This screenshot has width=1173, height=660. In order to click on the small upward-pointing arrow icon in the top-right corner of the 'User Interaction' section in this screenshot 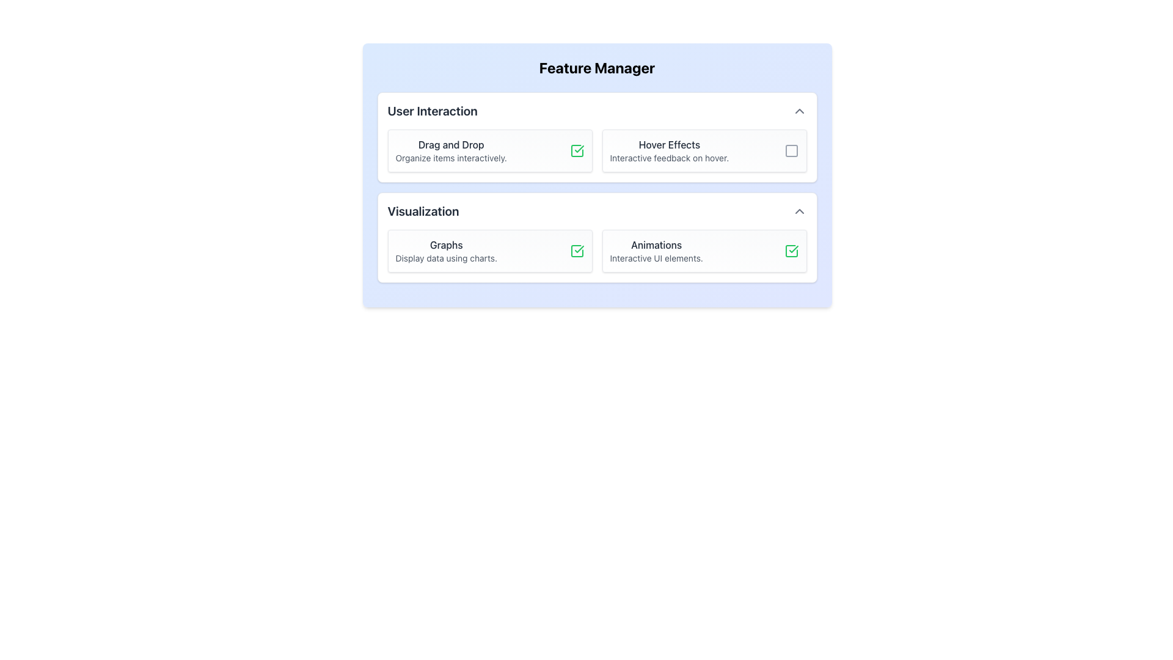, I will do `click(799, 111)`.